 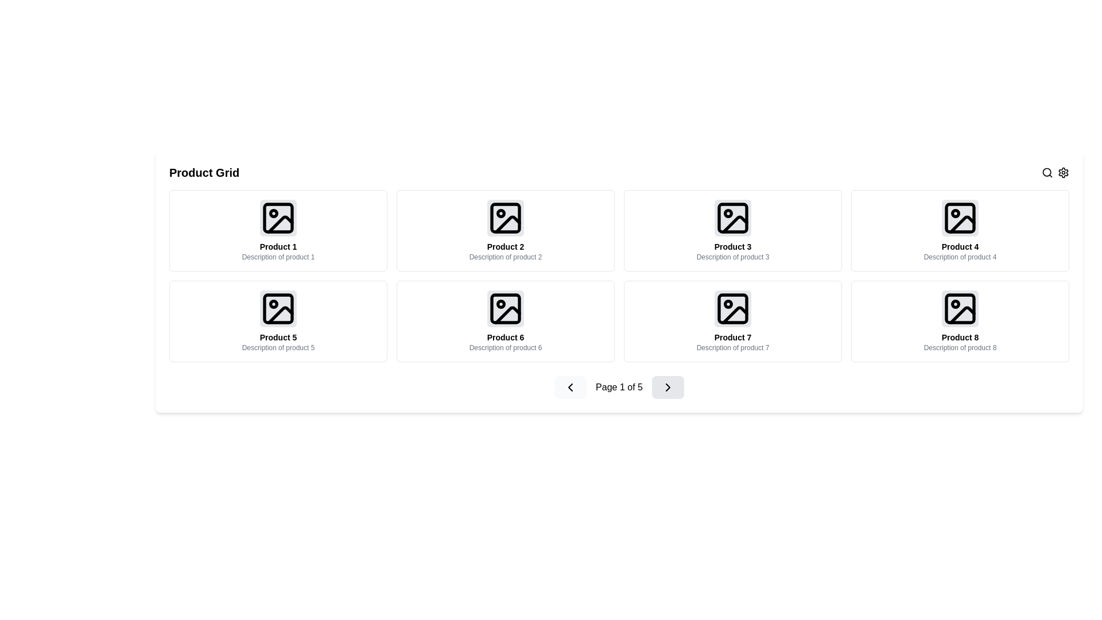 I want to click on the product image icon in the 'Product 1' listing, which serves as a placeholder for the product image, so click(x=278, y=218).